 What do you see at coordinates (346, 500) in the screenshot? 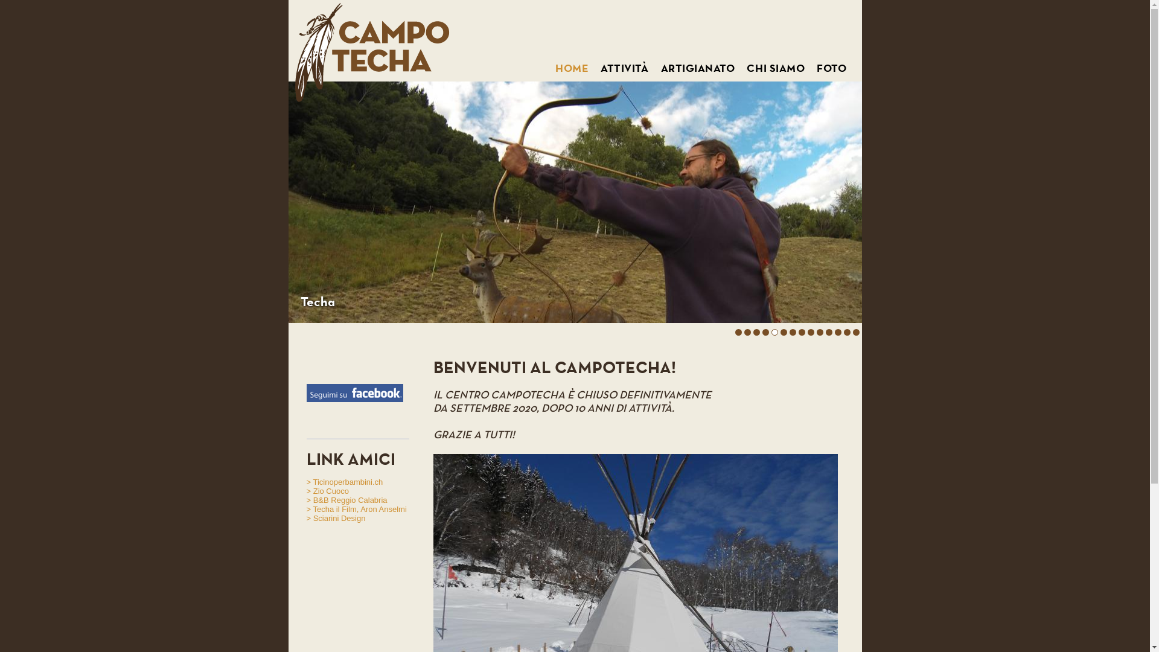
I see `'> B&B Reggio Calabria'` at bounding box center [346, 500].